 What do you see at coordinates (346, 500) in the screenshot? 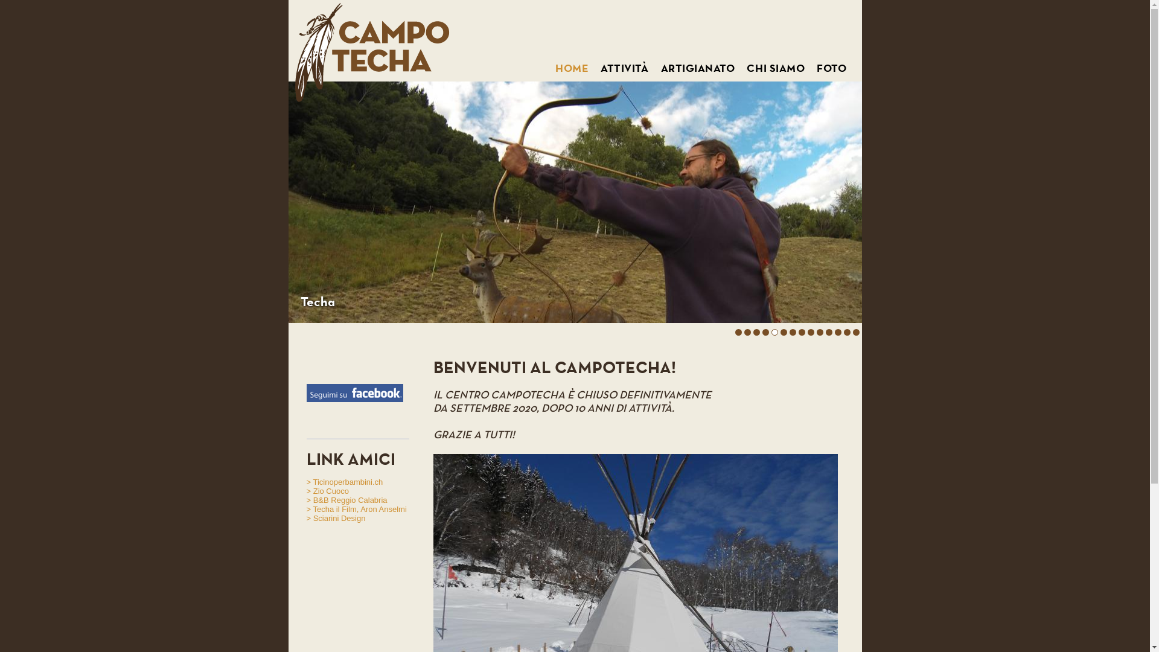
I see `'> B&B Reggio Calabria'` at bounding box center [346, 500].